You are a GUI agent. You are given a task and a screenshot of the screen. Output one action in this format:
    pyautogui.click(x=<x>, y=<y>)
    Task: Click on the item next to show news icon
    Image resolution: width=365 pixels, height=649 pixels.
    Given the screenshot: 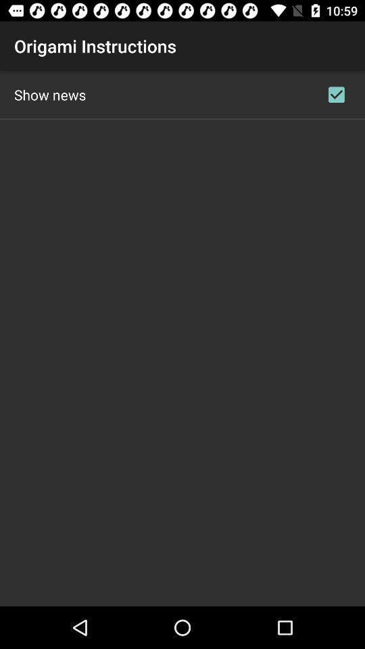 What is the action you would take?
    pyautogui.click(x=335, y=94)
    